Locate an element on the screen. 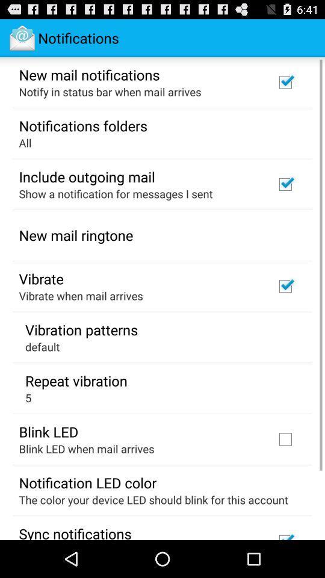  notify in status is located at coordinates (110, 91).